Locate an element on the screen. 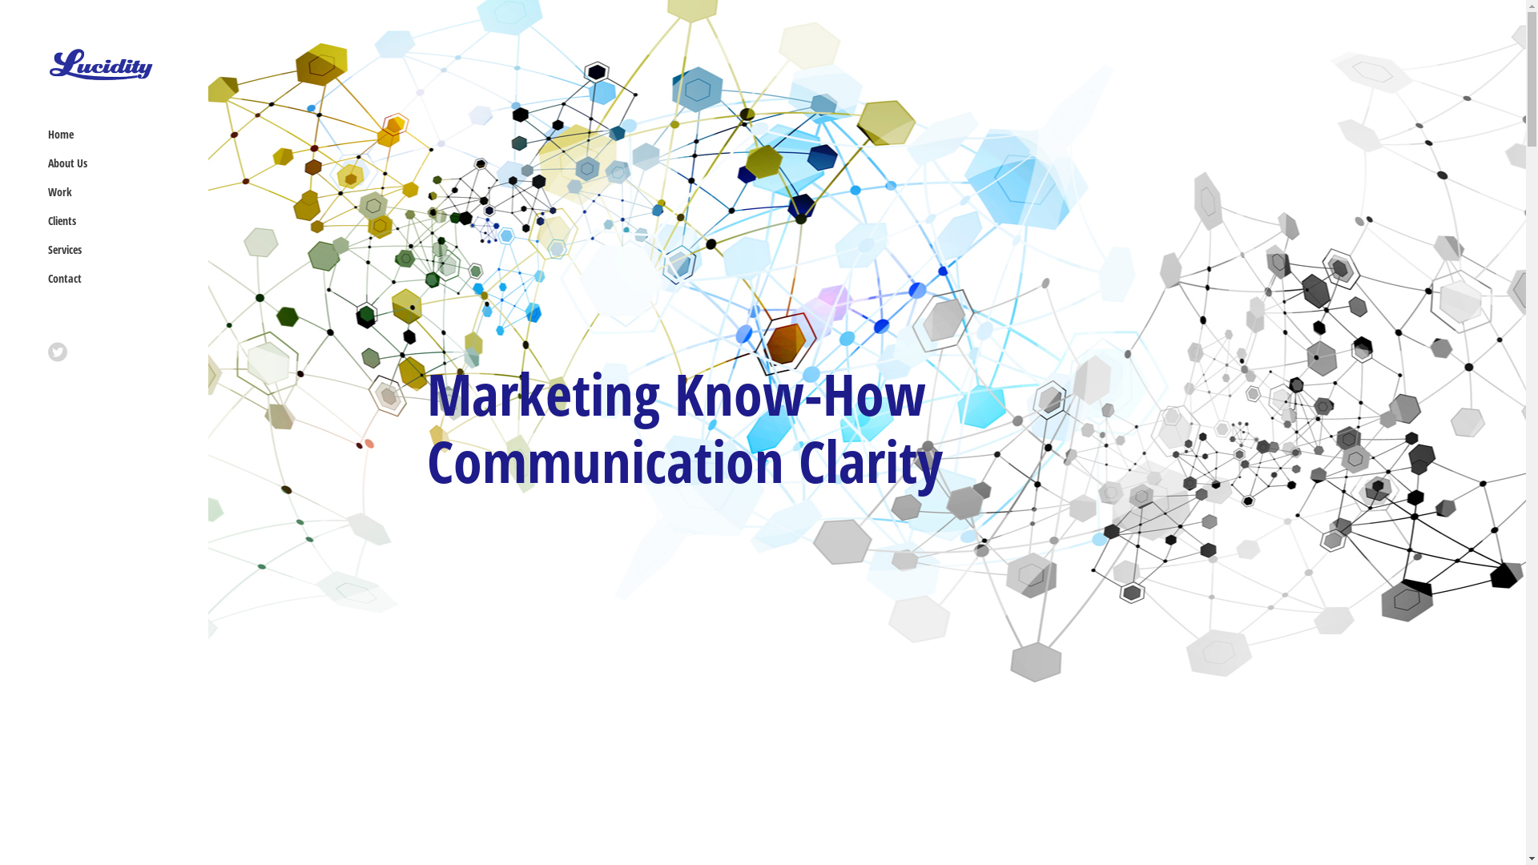 The image size is (1538, 865). 'Clients' is located at coordinates (47, 221).